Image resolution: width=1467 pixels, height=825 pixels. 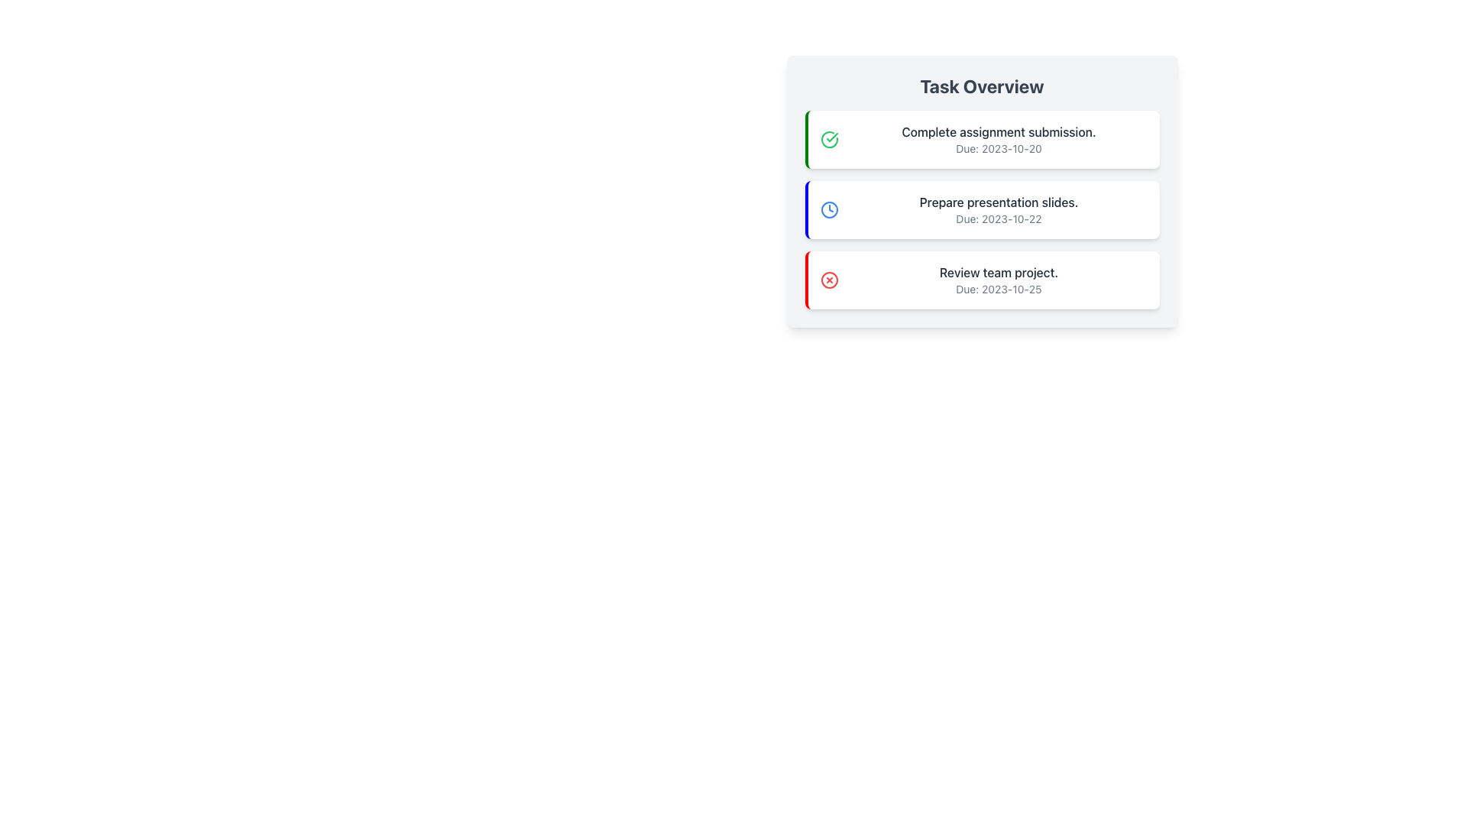 What do you see at coordinates (999, 149) in the screenshot?
I see `the static text label displaying 'Due: 2023-10-20' located below the 'Complete assignment submission.' text in the task card` at bounding box center [999, 149].